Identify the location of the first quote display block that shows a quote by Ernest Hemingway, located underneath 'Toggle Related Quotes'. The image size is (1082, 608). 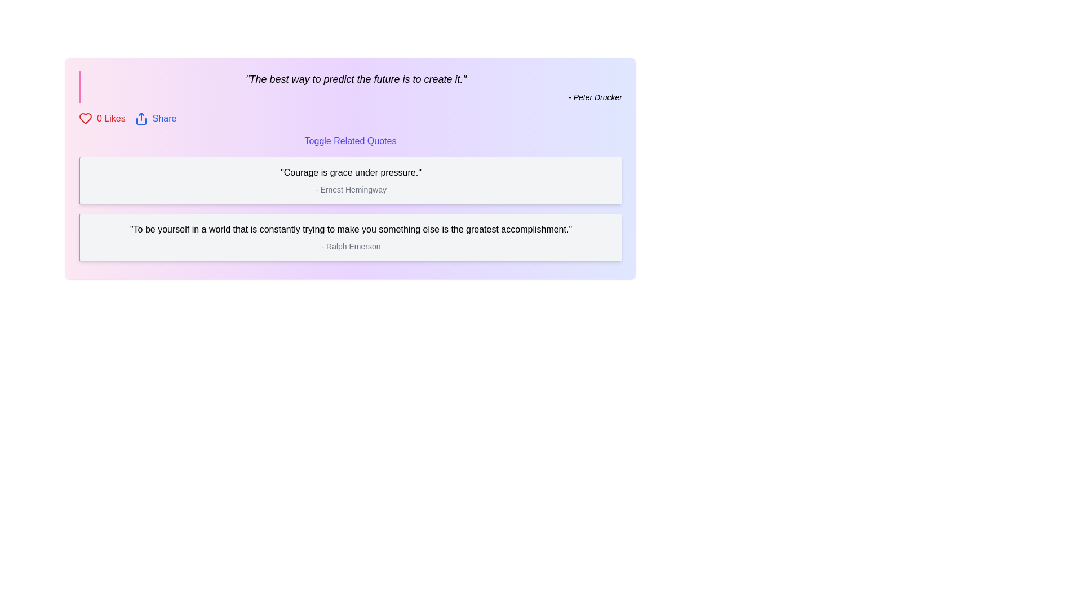
(350, 180).